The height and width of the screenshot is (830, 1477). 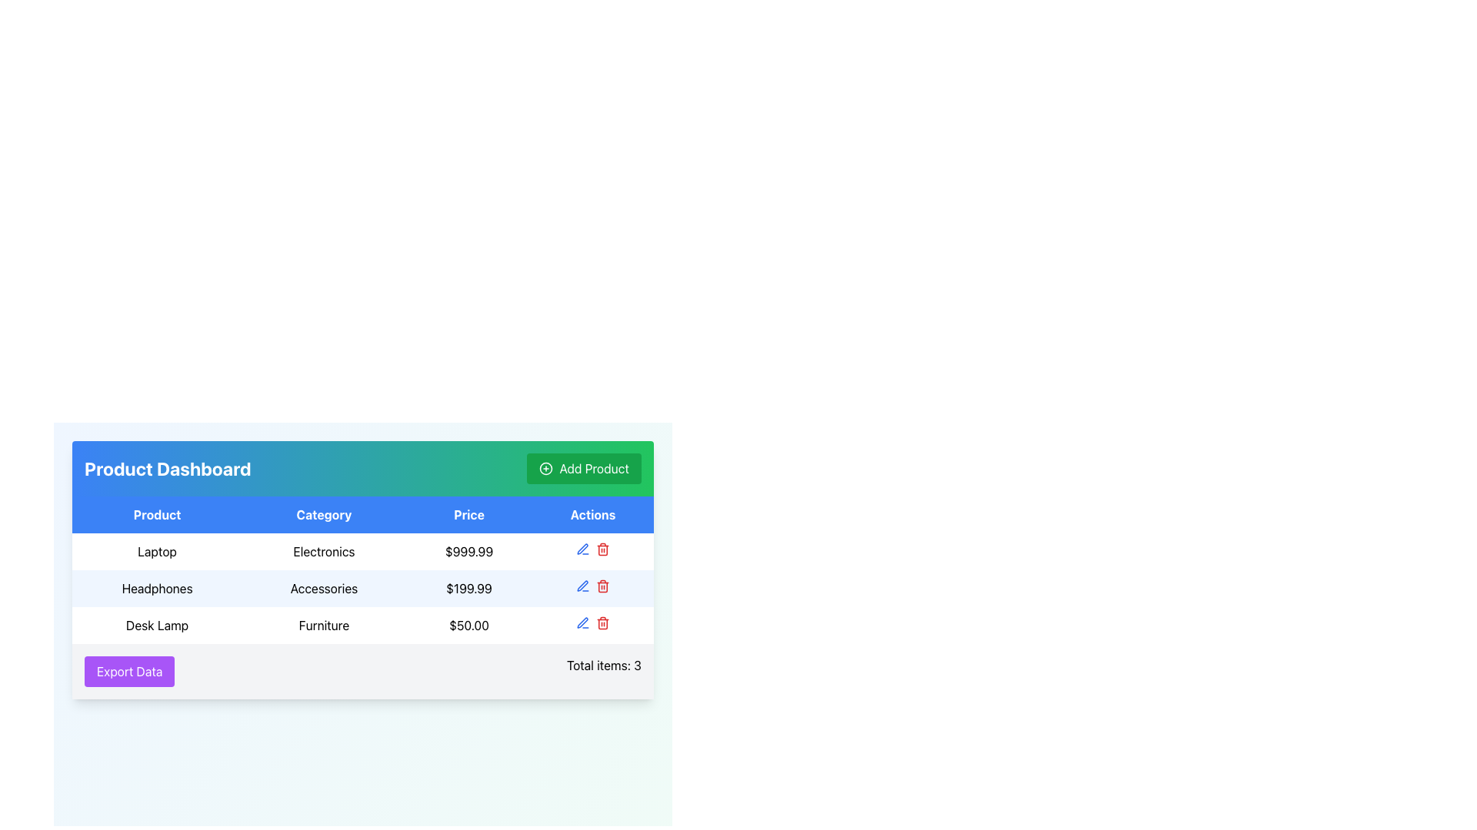 I want to click on the delete icon located in the fourth column (Actions) of the table row associated with the product 'Headphones', so click(x=592, y=588).